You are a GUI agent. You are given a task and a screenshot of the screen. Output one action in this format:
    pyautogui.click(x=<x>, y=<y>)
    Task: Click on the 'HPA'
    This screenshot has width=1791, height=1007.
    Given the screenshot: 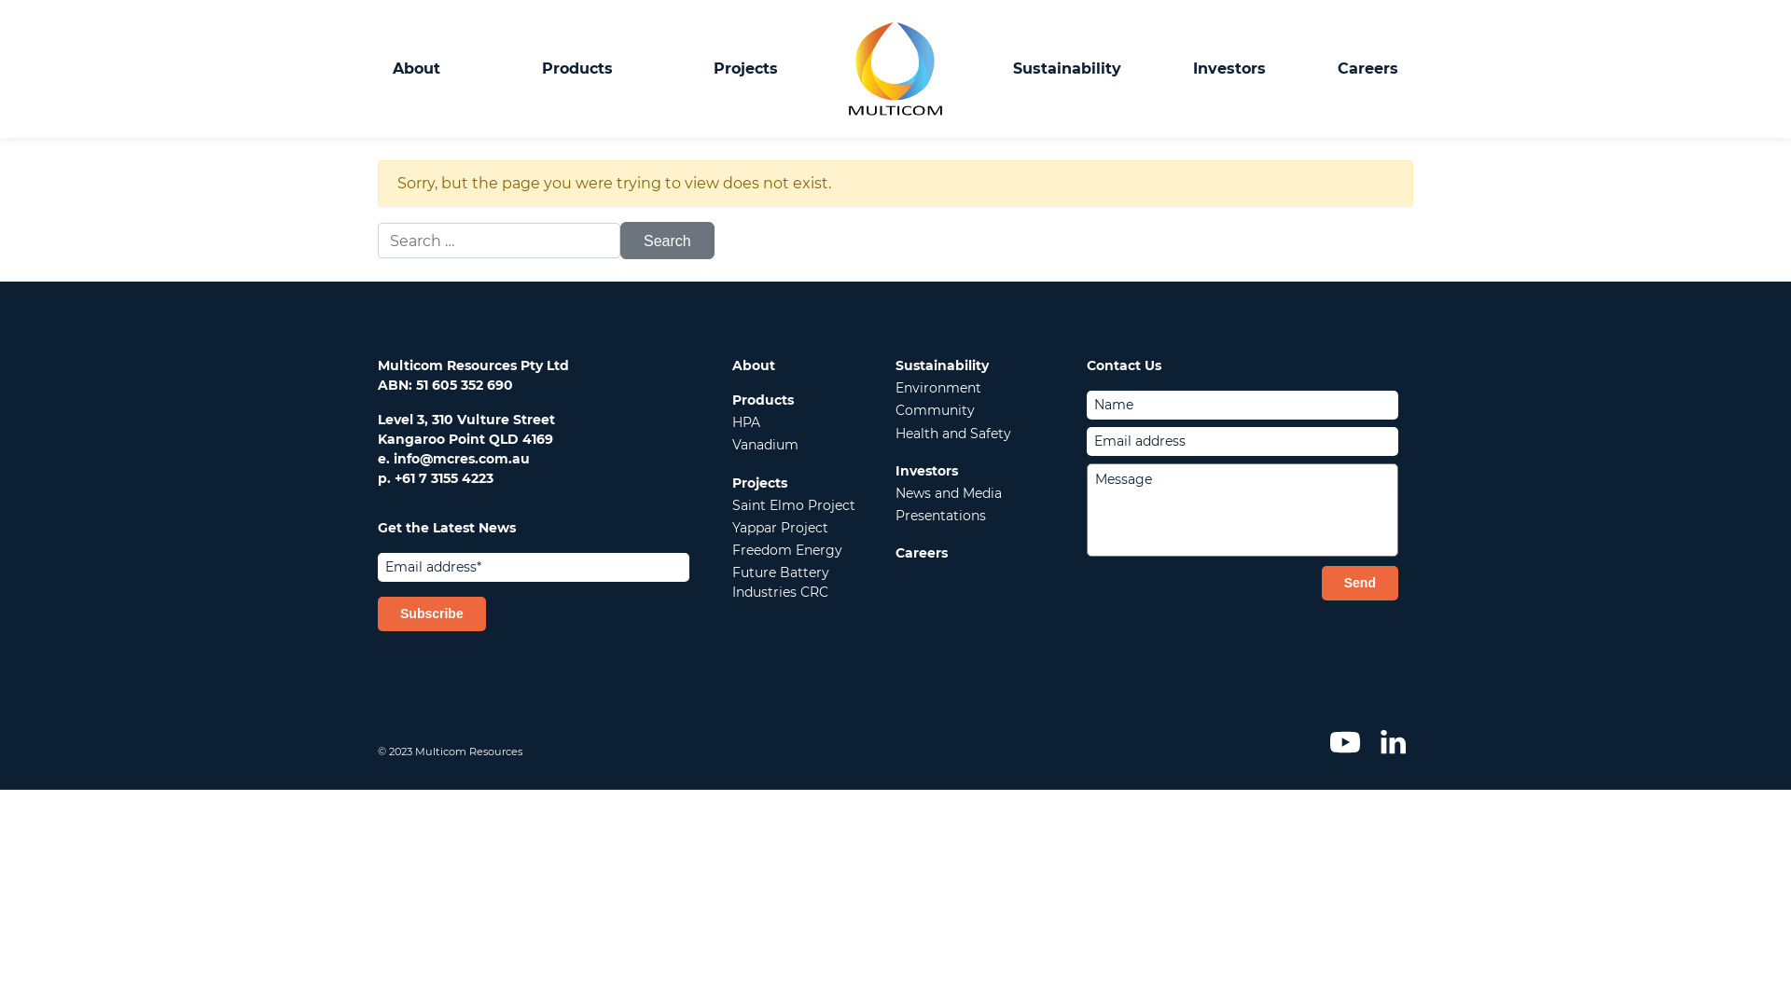 What is the action you would take?
    pyautogui.click(x=731, y=421)
    